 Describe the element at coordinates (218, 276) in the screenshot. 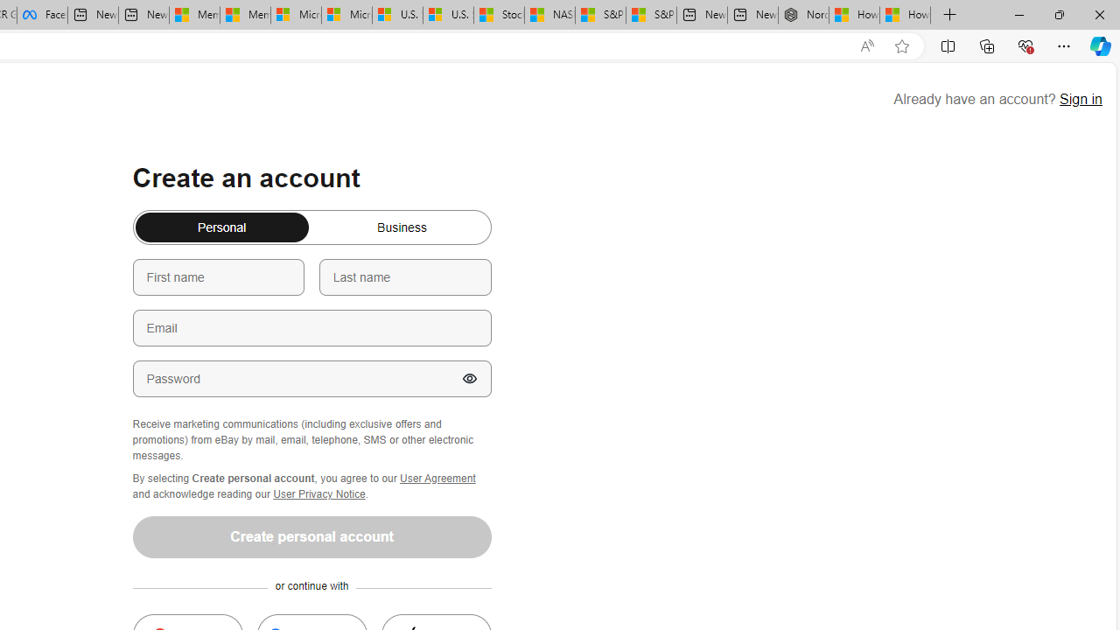

I see `'First name'` at that location.